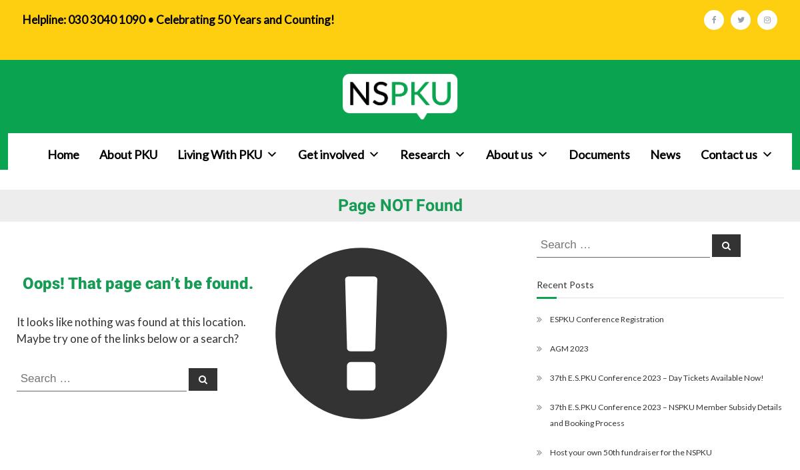 The image size is (800, 470). Describe the element at coordinates (337, 205) in the screenshot. I see `'Page NOT Found'` at that location.